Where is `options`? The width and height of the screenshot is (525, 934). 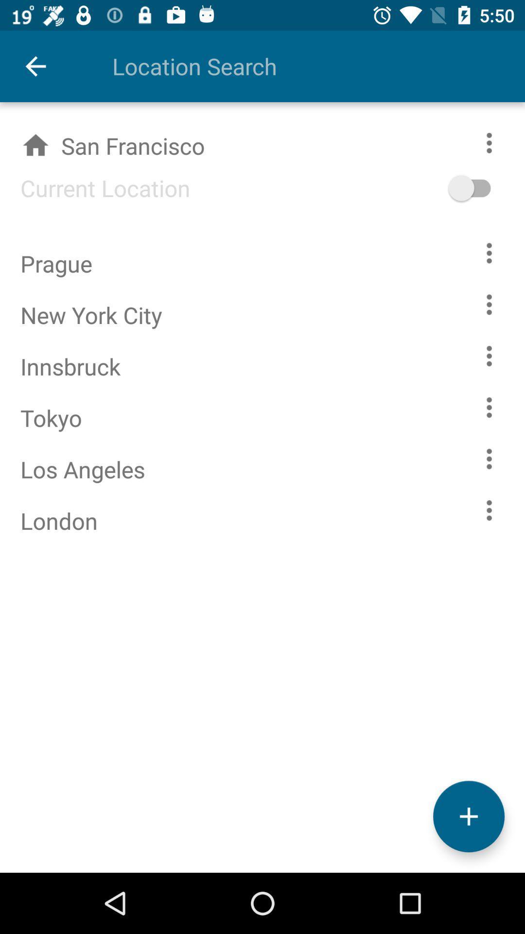
options is located at coordinates (489, 304).